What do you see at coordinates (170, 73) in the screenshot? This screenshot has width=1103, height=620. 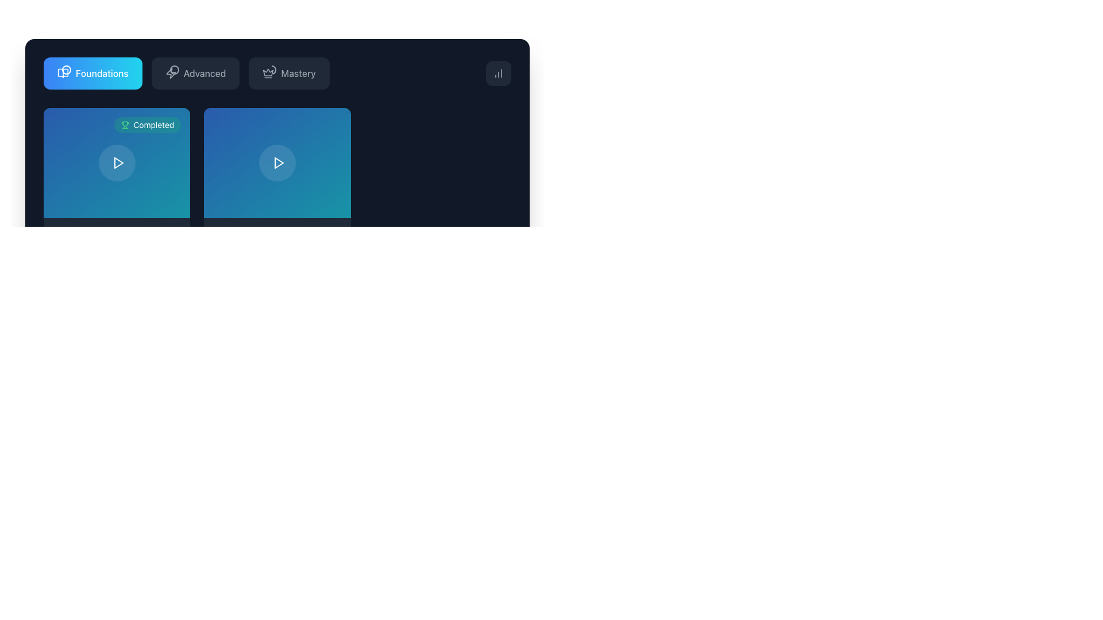 I see `the lightning bolt icon located within the 'Advanced' button, which is the second button in a horizontal menu set, positioned between the 'Foundations' and 'Mastery' buttons` at bounding box center [170, 73].